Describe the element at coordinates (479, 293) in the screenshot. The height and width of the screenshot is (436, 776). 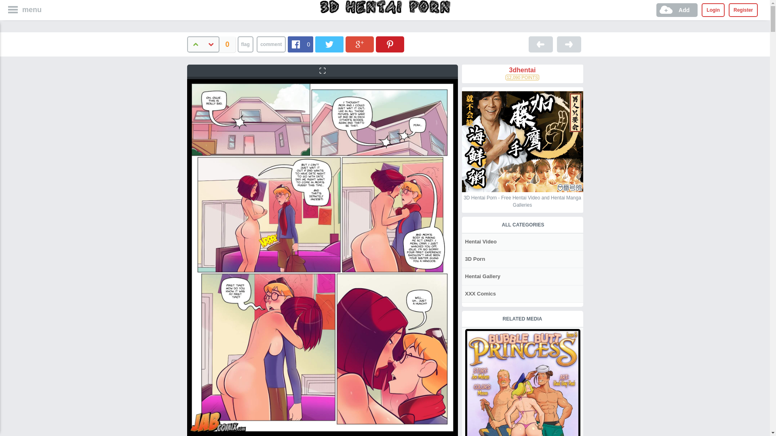
I see `'XXX Comics'` at that location.